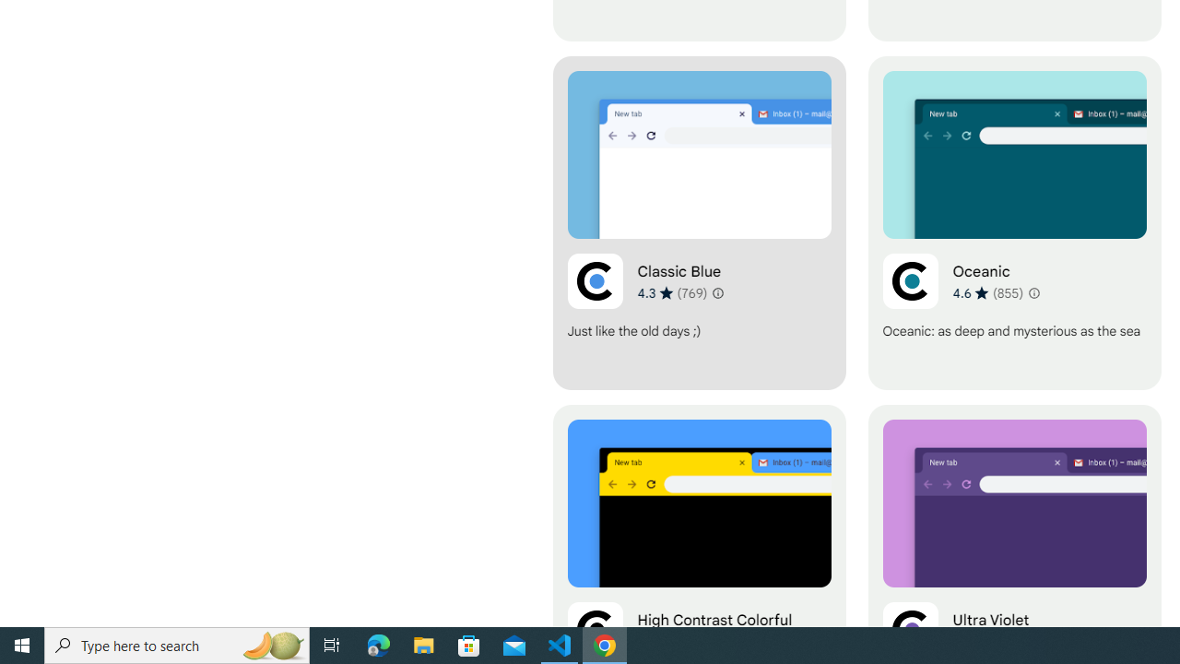 The width and height of the screenshot is (1180, 664). What do you see at coordinates (698, 222) in the screenshot?
I see `'Classic Blue'` at bounding box center [698, 222].